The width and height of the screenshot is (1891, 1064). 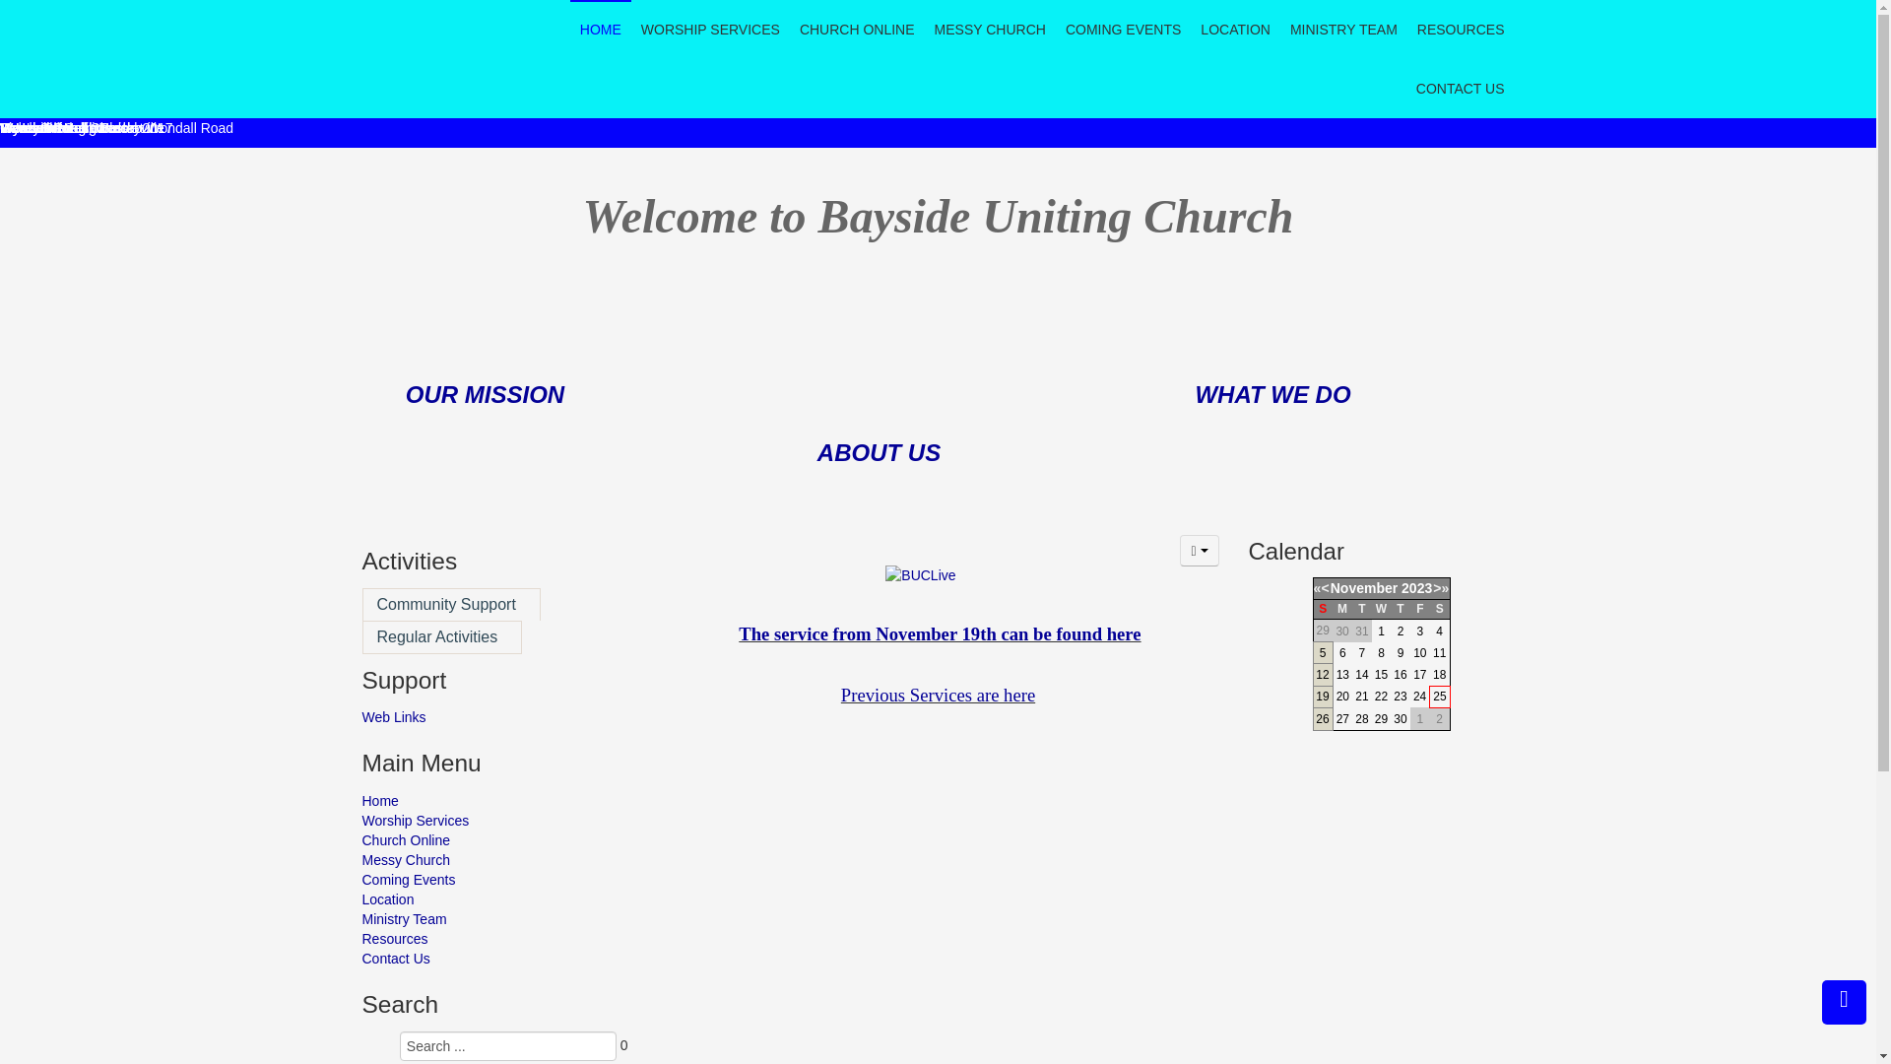 I want to click on 'HOME', so click(x=599, y=30).